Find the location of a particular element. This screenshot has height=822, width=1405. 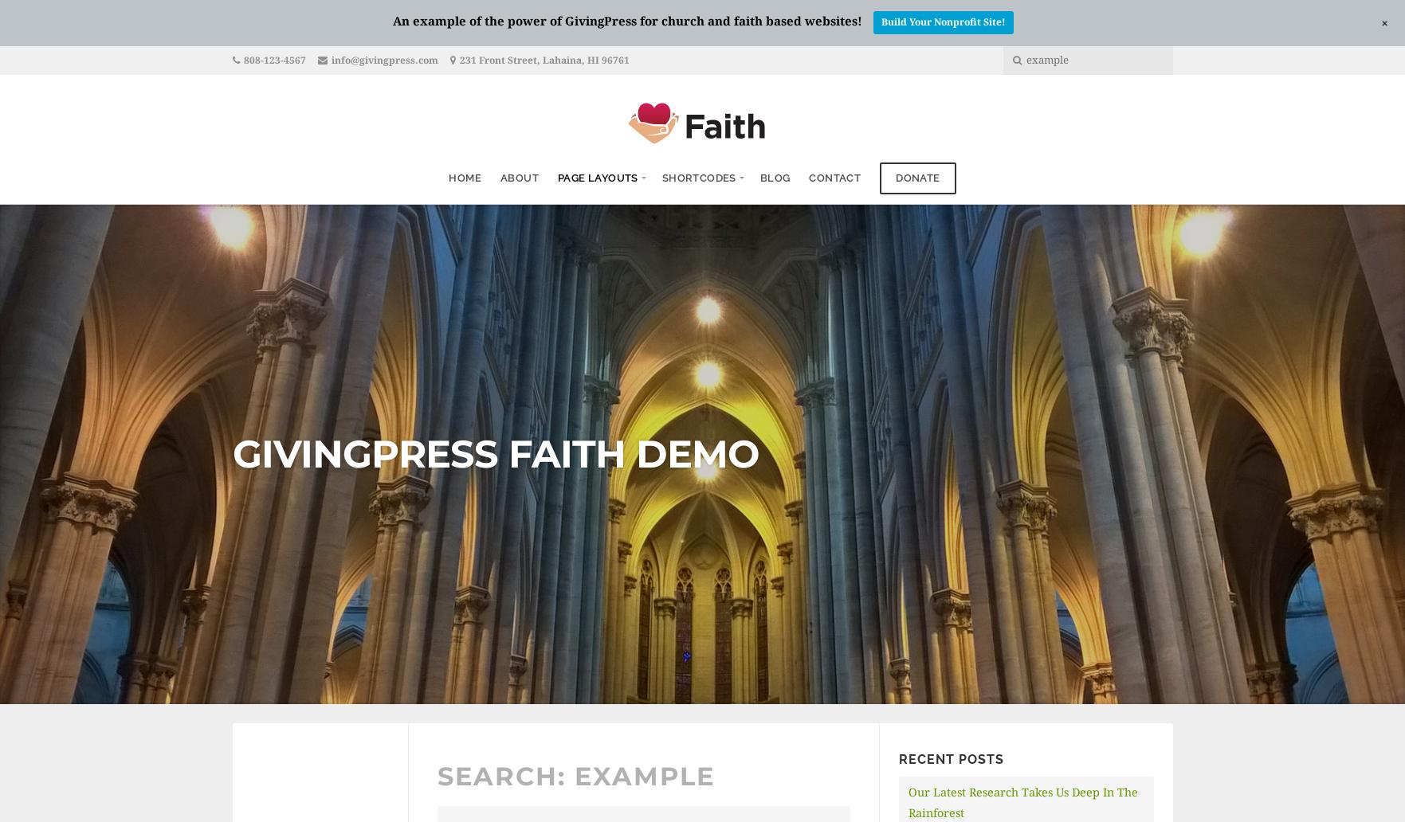

'Our Latest Research Takes Us Deep In The Rainforest' is located at coordinates (1021, 801).